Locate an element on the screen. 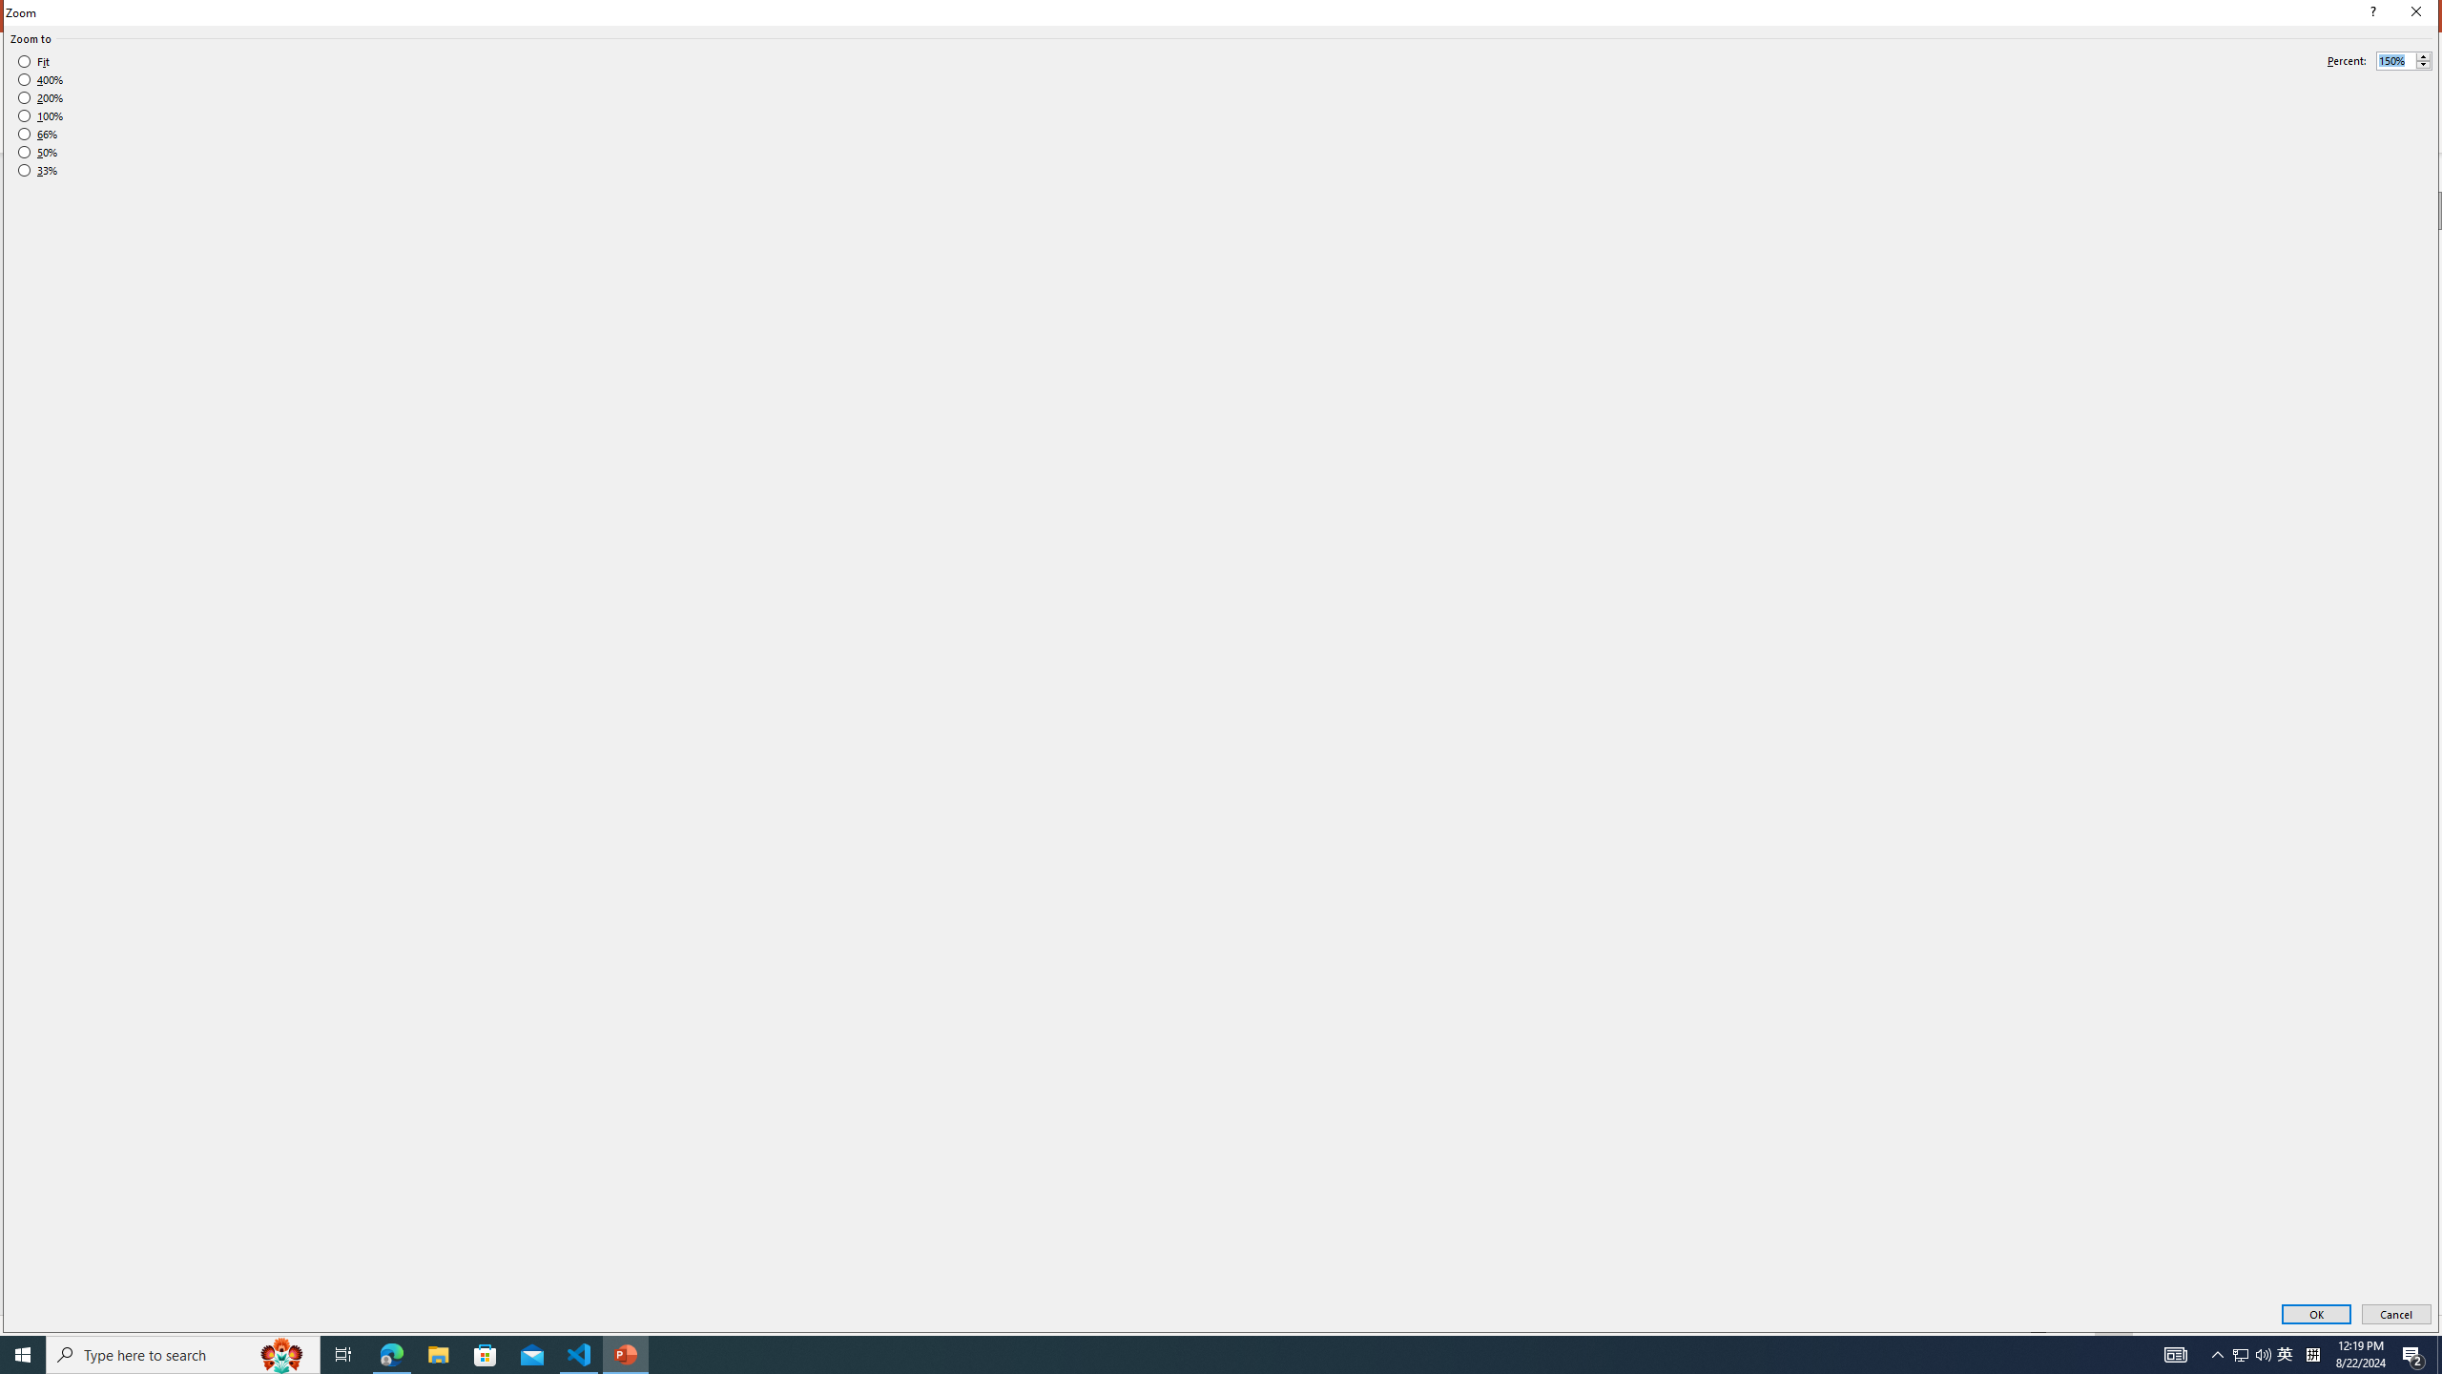 The image size is (2442, 1374). 'More' is located at coordinates (2422, 55).